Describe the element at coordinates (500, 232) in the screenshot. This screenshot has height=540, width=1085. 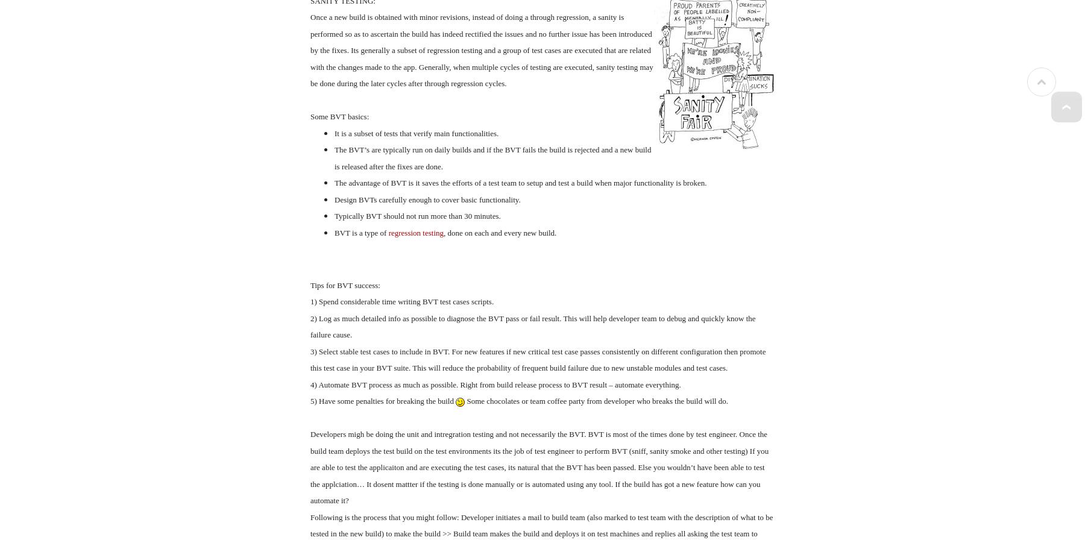
I see `', done on each and every new build.'` at that location.